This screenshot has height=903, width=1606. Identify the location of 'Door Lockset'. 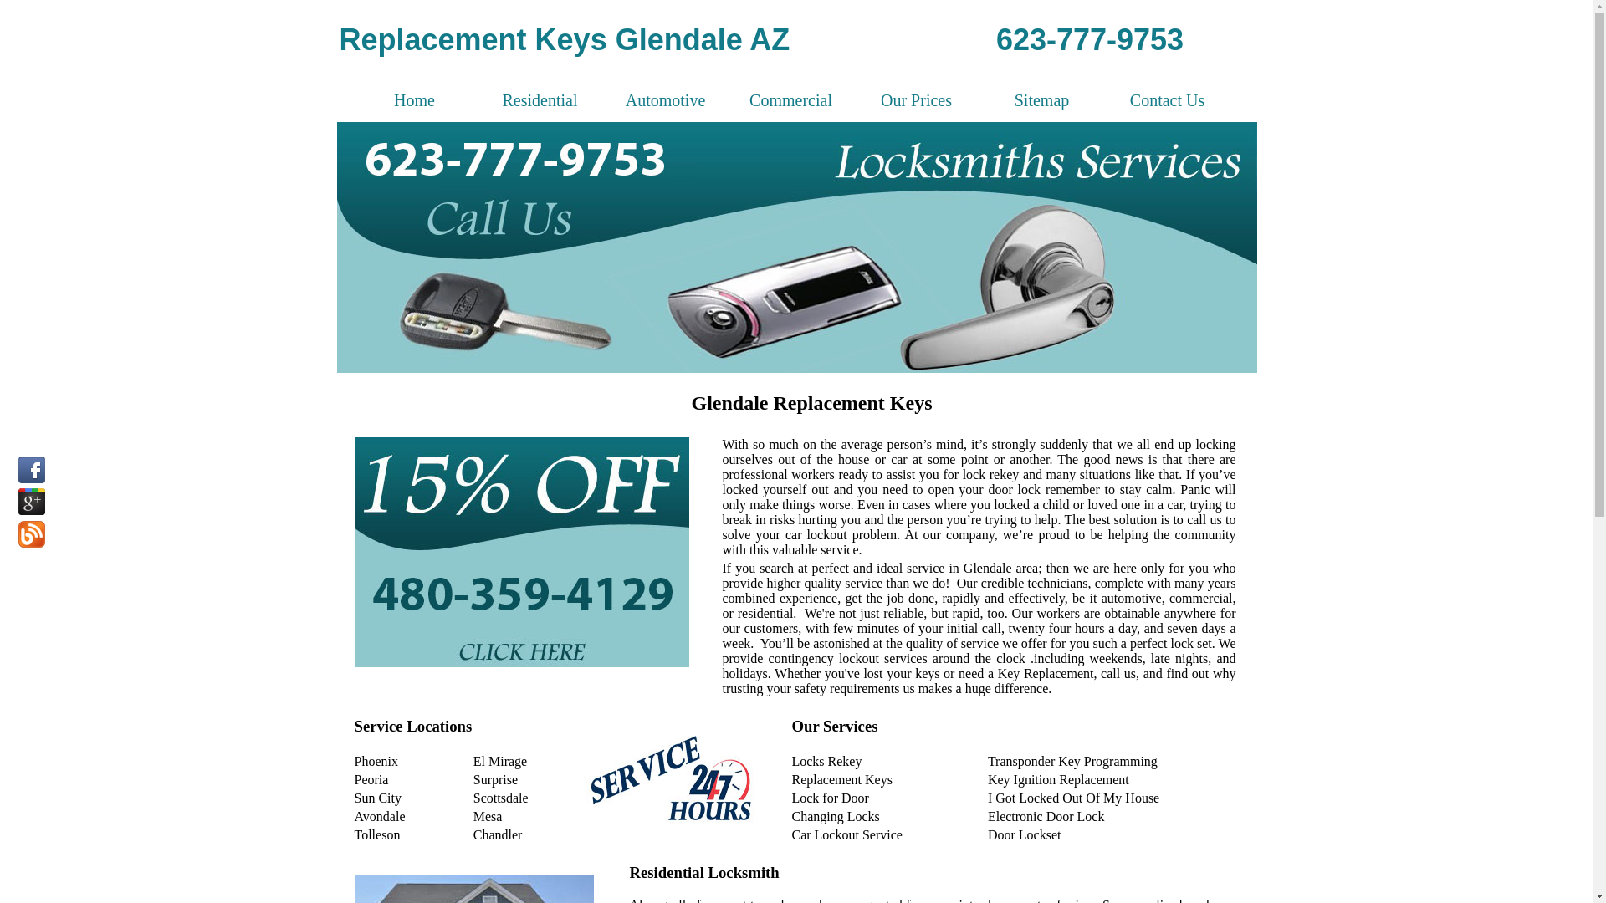
(1023, 834).